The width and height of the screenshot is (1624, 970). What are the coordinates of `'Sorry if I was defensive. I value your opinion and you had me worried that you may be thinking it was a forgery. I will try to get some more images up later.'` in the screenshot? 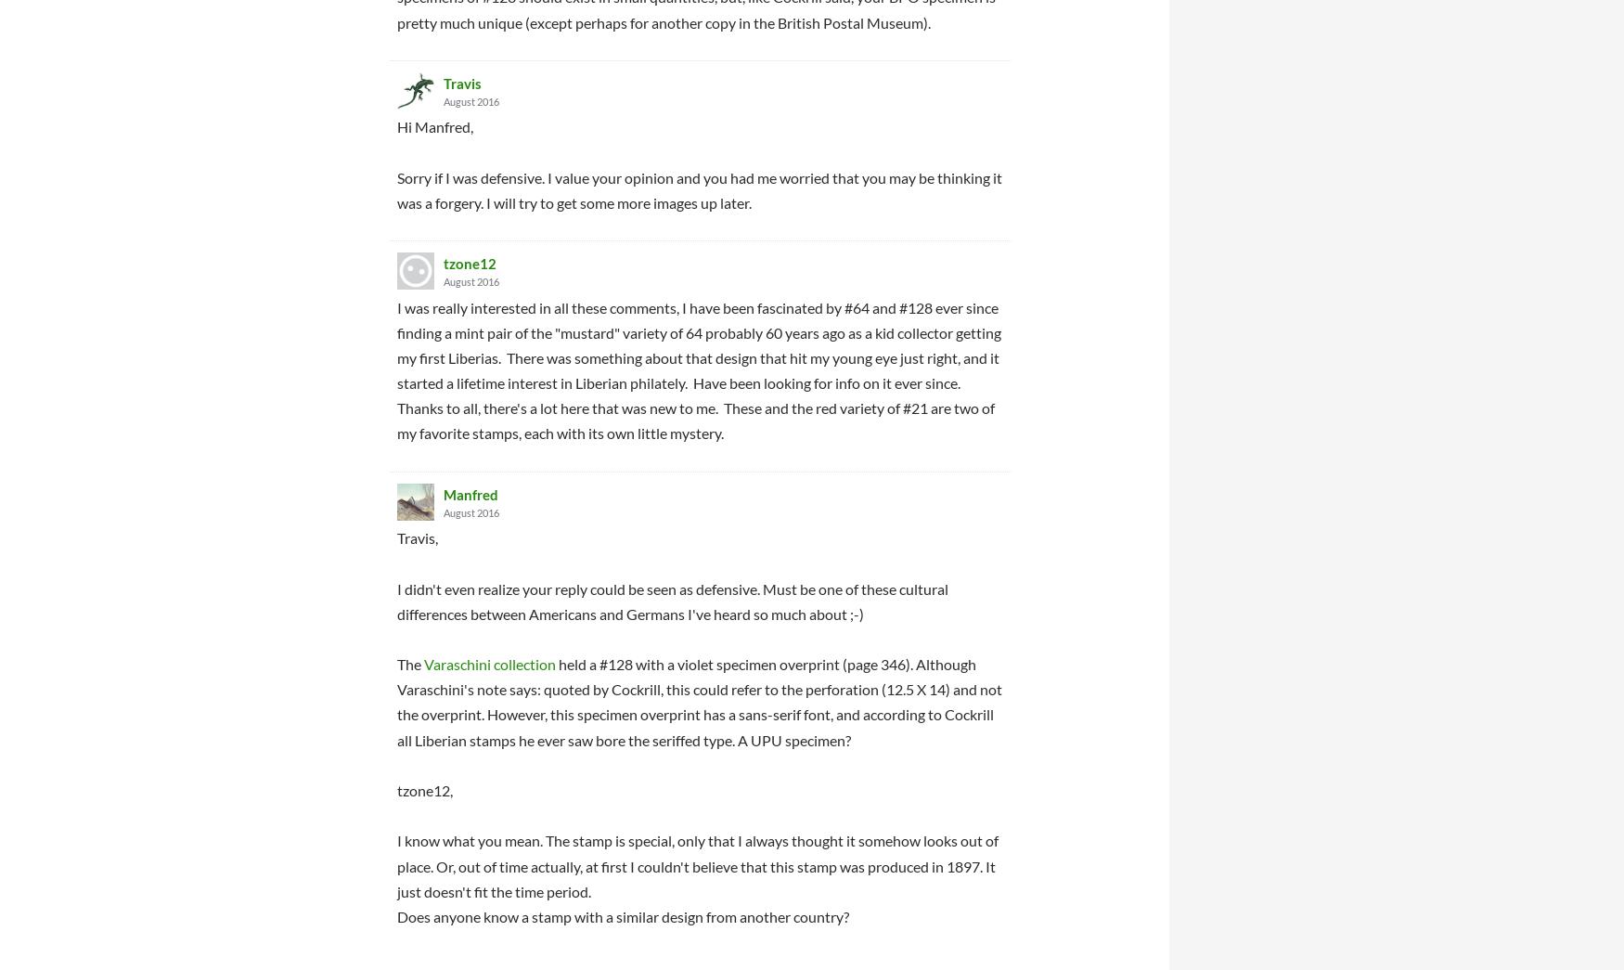 It's located at (699, 188).